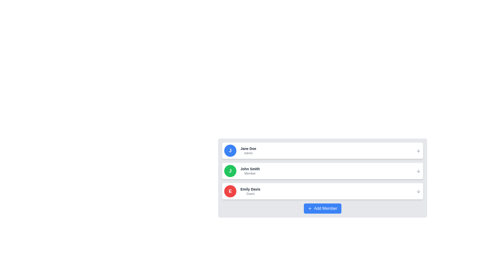  Describe the element at coordinates (419, 150) in the screenshot. I see `the downward-pointing arrow icon button, which is styled in gray and located at the far right of the row displaying 'Jane Doe' and their role 'Admin'` at that location.